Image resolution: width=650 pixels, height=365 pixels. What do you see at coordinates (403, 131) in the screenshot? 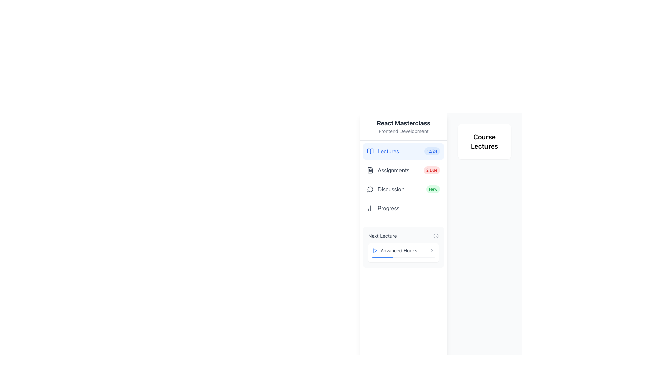
I see `the text label that serves as a subheading below the 'React Masterclass' header, providing additional context` at bounding box center [403, 131].